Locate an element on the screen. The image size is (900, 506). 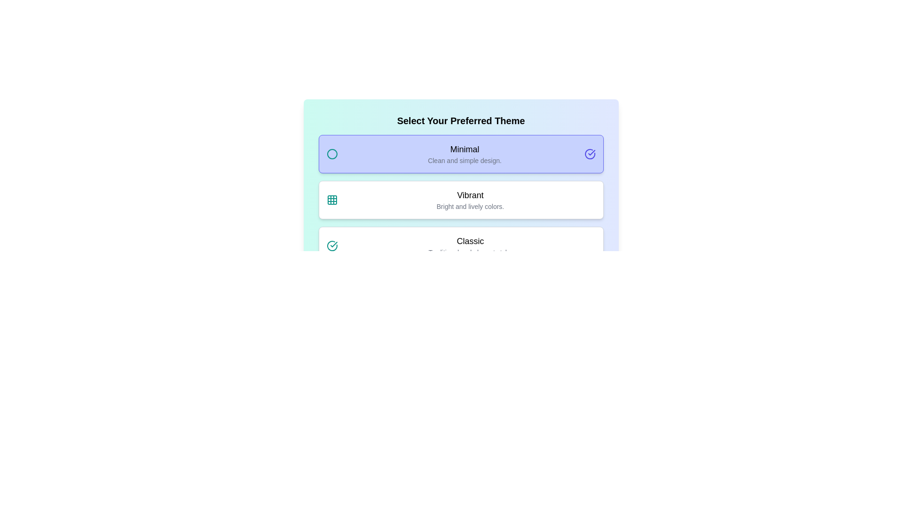
the checkmark icon within the circular graphic on the left side of the 'Minimal' option card for visual confirmation is located at coordinates (333, 244).